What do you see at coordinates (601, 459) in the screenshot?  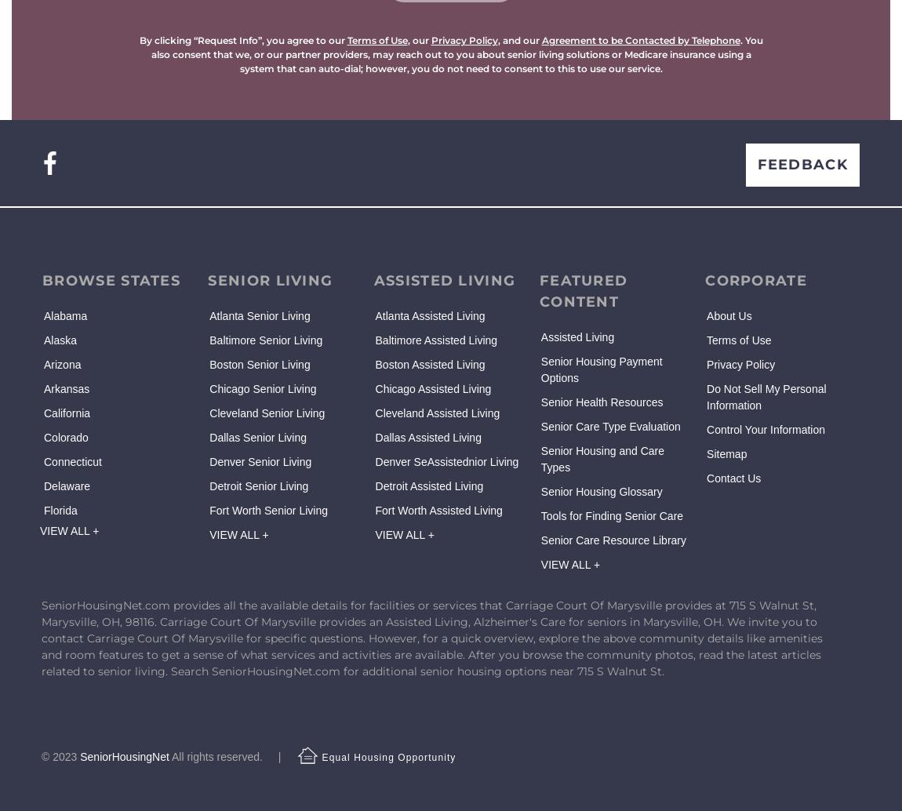 I see `'Senior Housing and Care Types'` at bounding box center [601, 459].